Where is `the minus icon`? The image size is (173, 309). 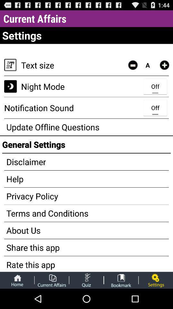
the minus icon is located at coordinates (132, 70).